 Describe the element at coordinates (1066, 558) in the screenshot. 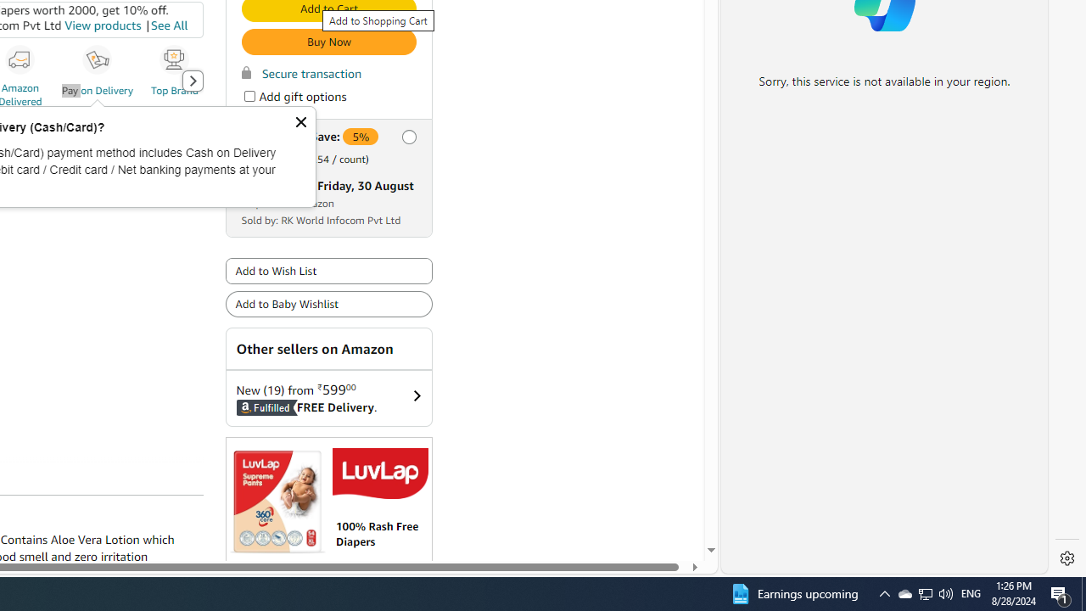

I see `'Settings'` at that location.